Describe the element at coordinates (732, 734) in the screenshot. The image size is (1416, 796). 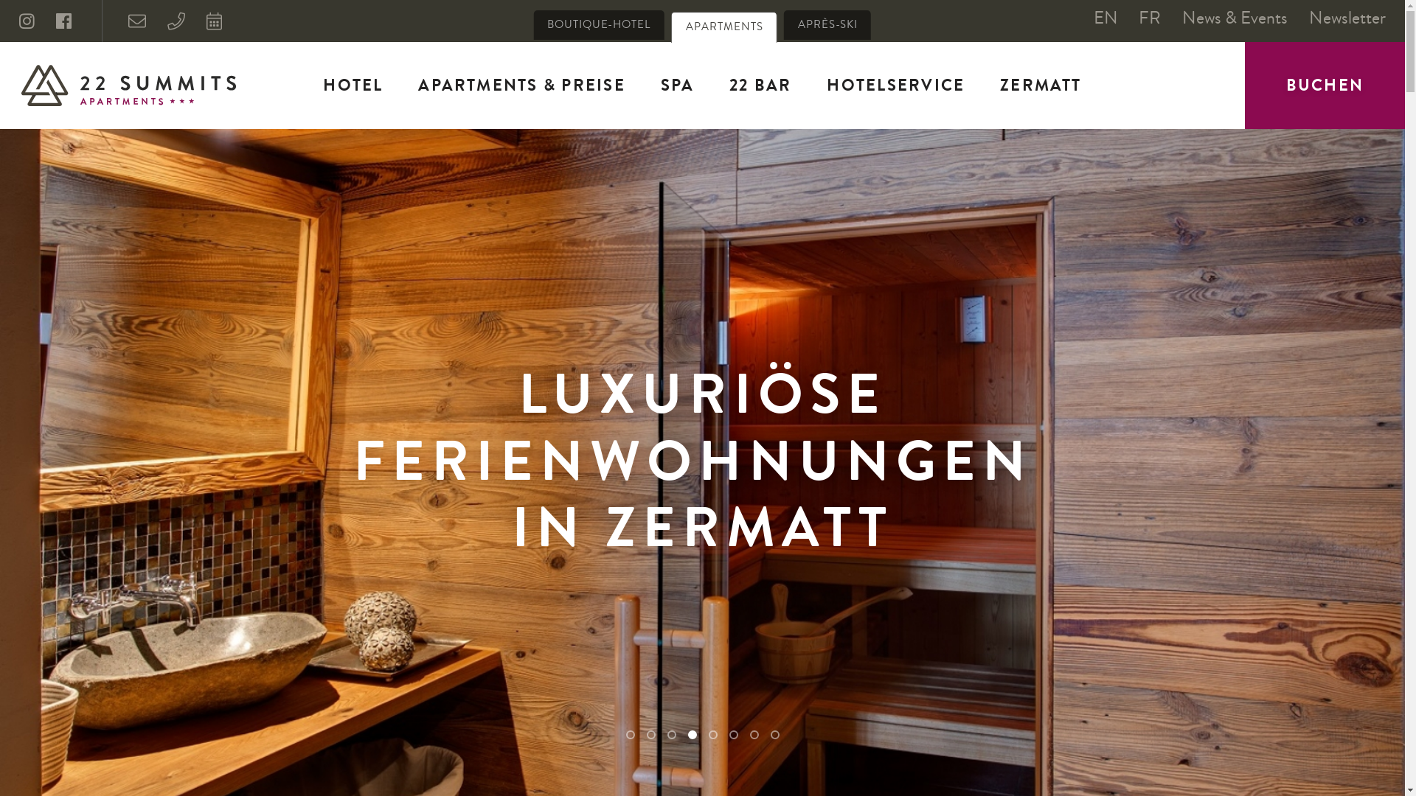
I see `'6'` at that location.